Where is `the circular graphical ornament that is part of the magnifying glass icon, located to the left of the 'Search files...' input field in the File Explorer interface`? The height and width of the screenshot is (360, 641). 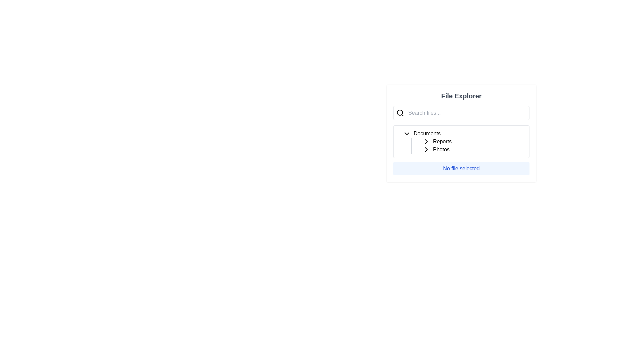
the circular graphical ornament that is part of the magnifying glass icon, located to the left of the 'Search files...' input field in the File Explorer interface is located at coordinates (400, 112).